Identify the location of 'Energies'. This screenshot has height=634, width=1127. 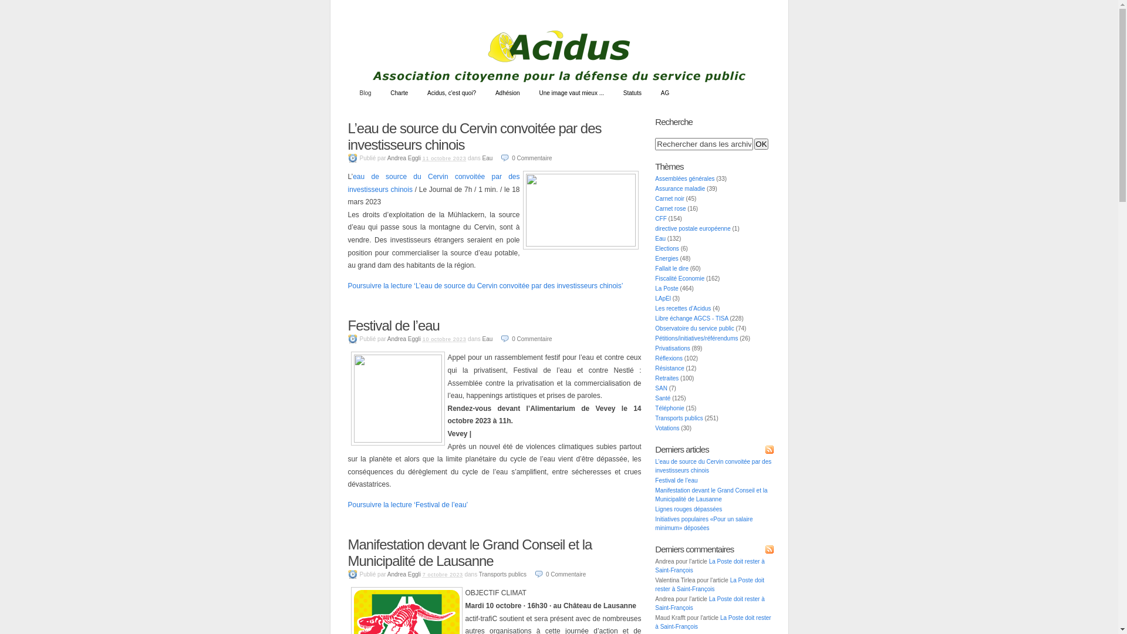
(654, 258).